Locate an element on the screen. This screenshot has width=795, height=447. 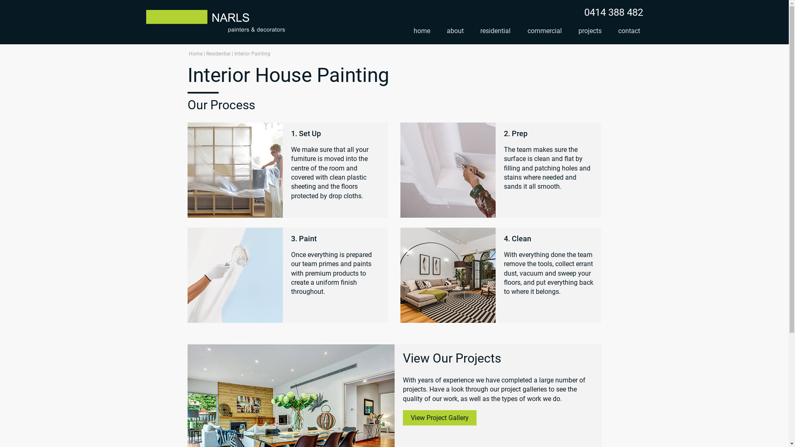
'Interior Painting' is located at coordinates (252, 54).